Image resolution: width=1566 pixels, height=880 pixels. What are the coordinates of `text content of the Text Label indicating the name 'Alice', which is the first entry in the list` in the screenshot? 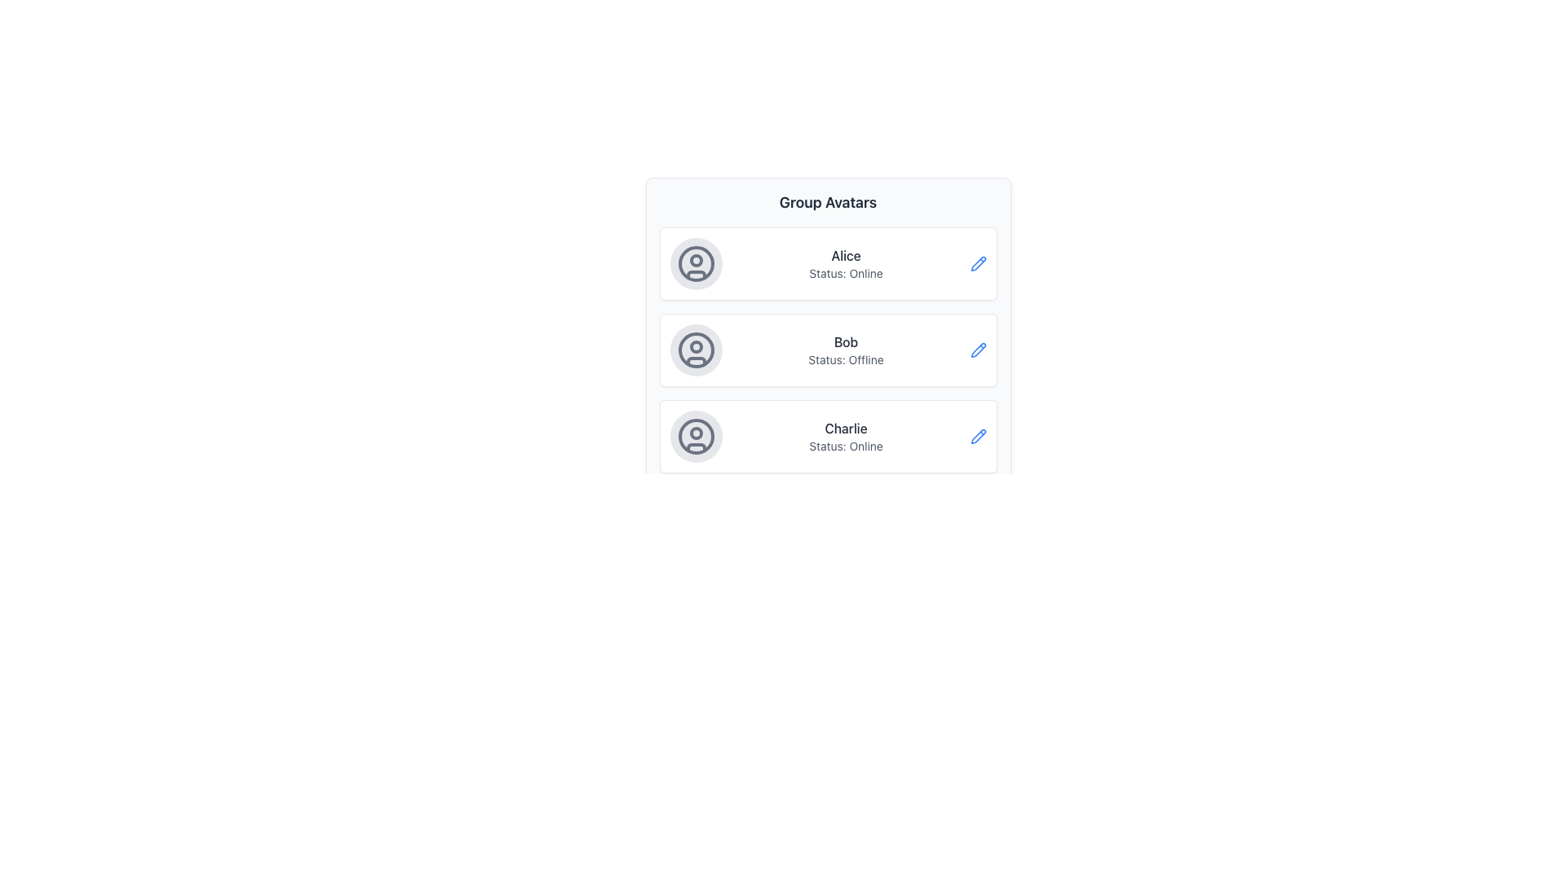 It's located at (846, 255).